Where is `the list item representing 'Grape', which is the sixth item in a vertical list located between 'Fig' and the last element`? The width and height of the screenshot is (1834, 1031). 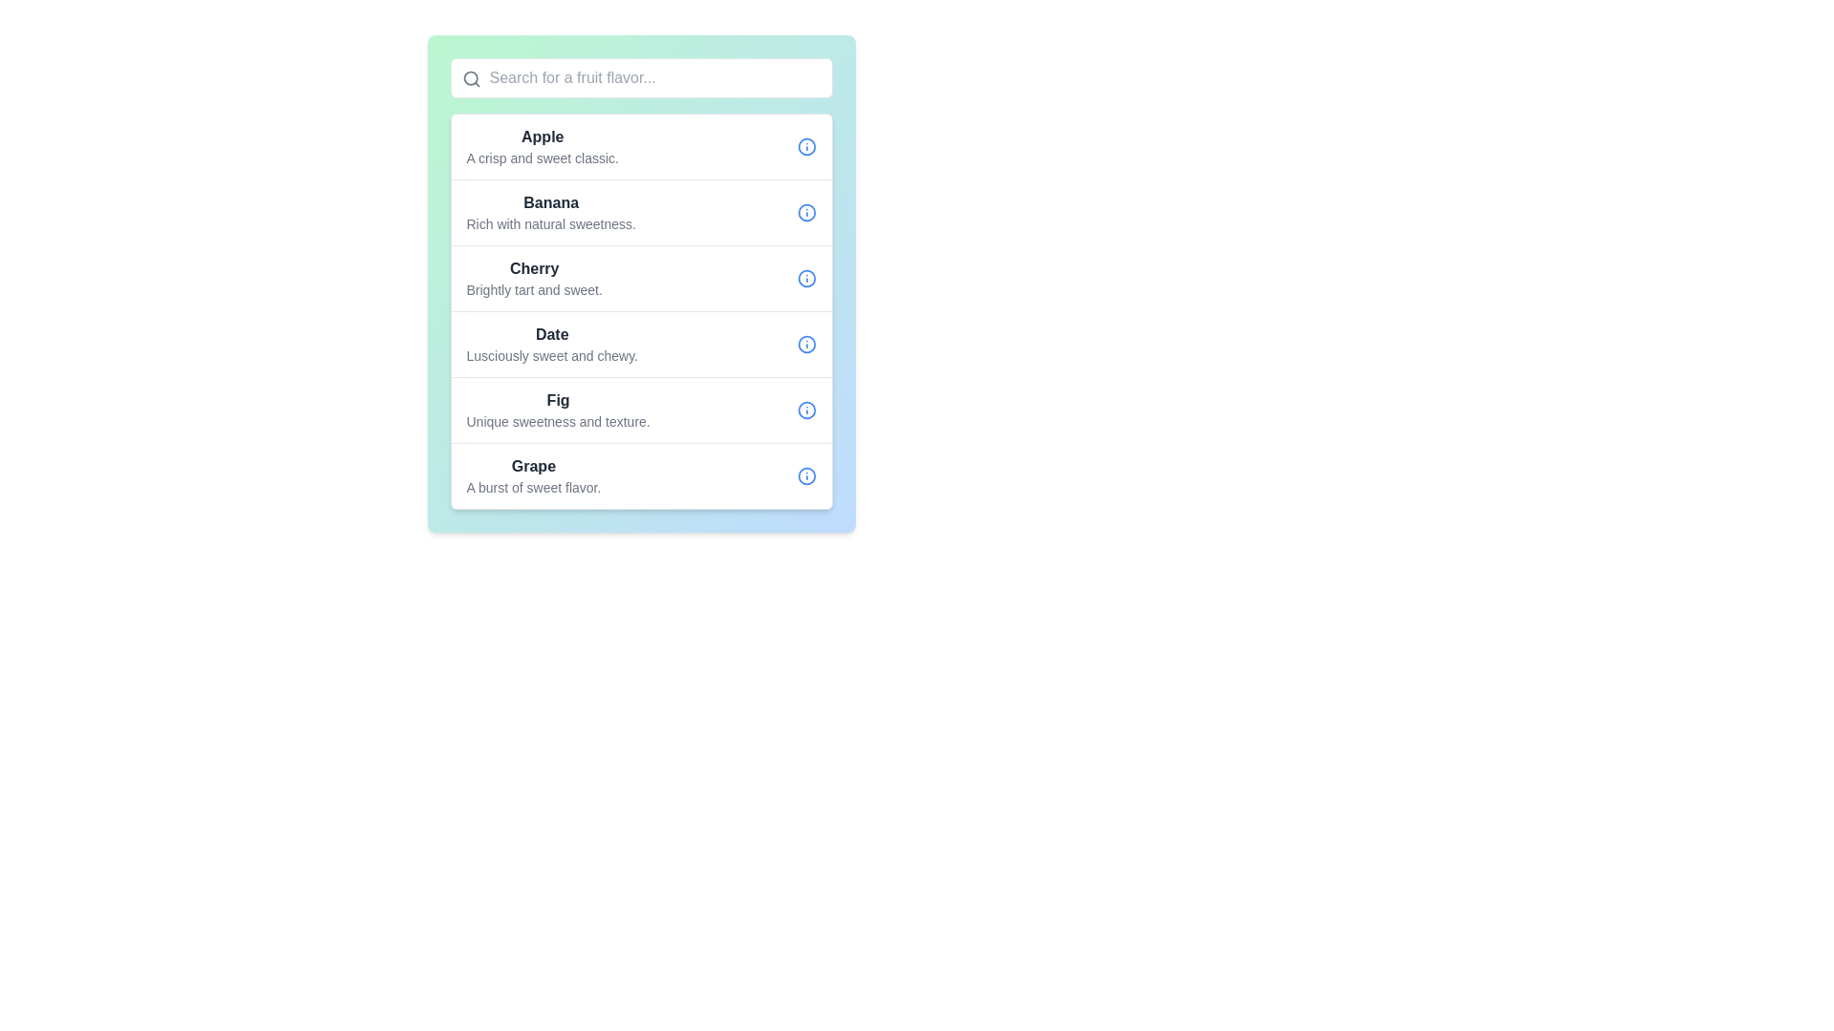 the list item representing 'Grape', which is the sixth item in a vertical list located between 'Fig' and the last element is located at coordinates (641, 474).